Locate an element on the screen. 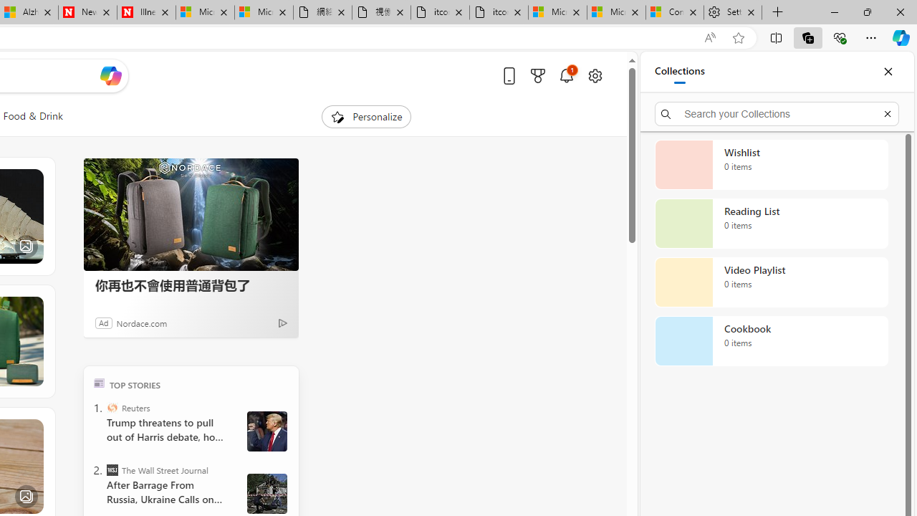 The image size is (917, 516). 'Reading List collection, 0 items' is located at coordinates (771, 224).